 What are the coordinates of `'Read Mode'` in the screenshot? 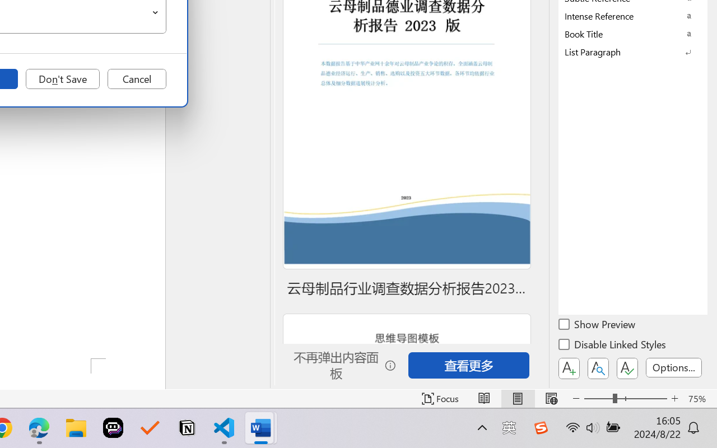 It's located at (484, 398).